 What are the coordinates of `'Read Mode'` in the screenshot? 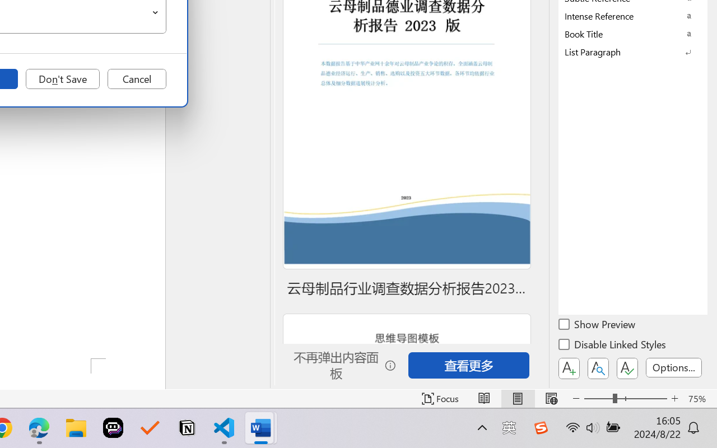 It's located at (484, 398).